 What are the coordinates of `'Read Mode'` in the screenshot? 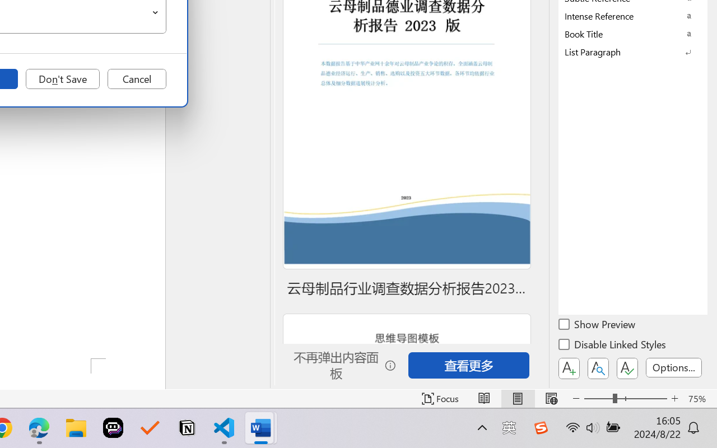 It's located at (484, 398).